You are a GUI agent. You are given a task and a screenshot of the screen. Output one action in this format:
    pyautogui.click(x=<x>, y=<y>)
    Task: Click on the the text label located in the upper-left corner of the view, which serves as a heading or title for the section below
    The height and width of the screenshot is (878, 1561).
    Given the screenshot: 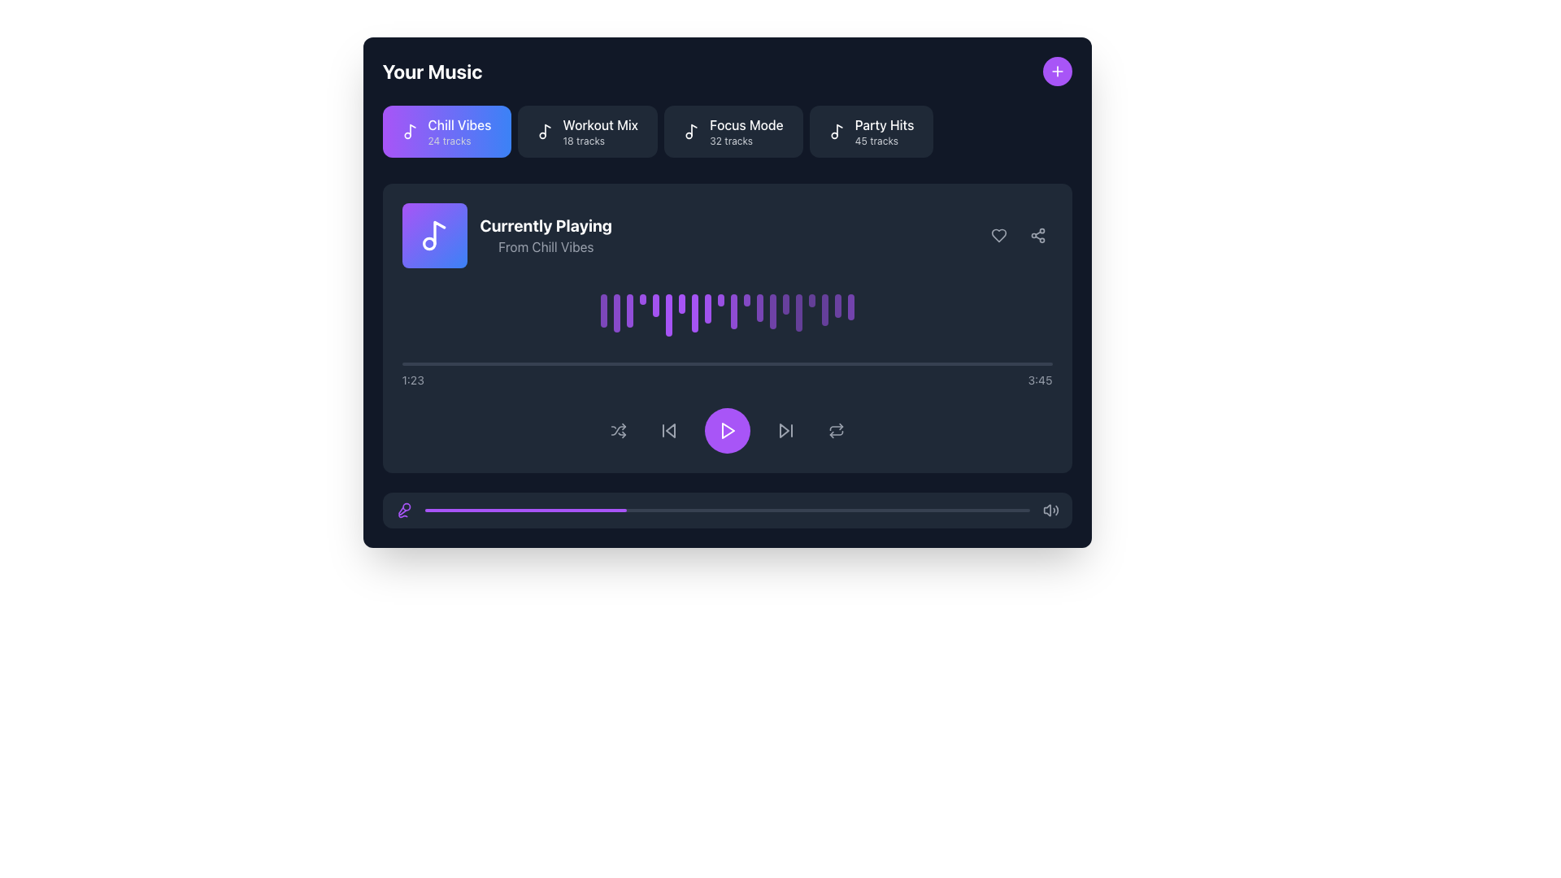 What is the action you would take?
    pyautogui.click(x=433, y=71)
    